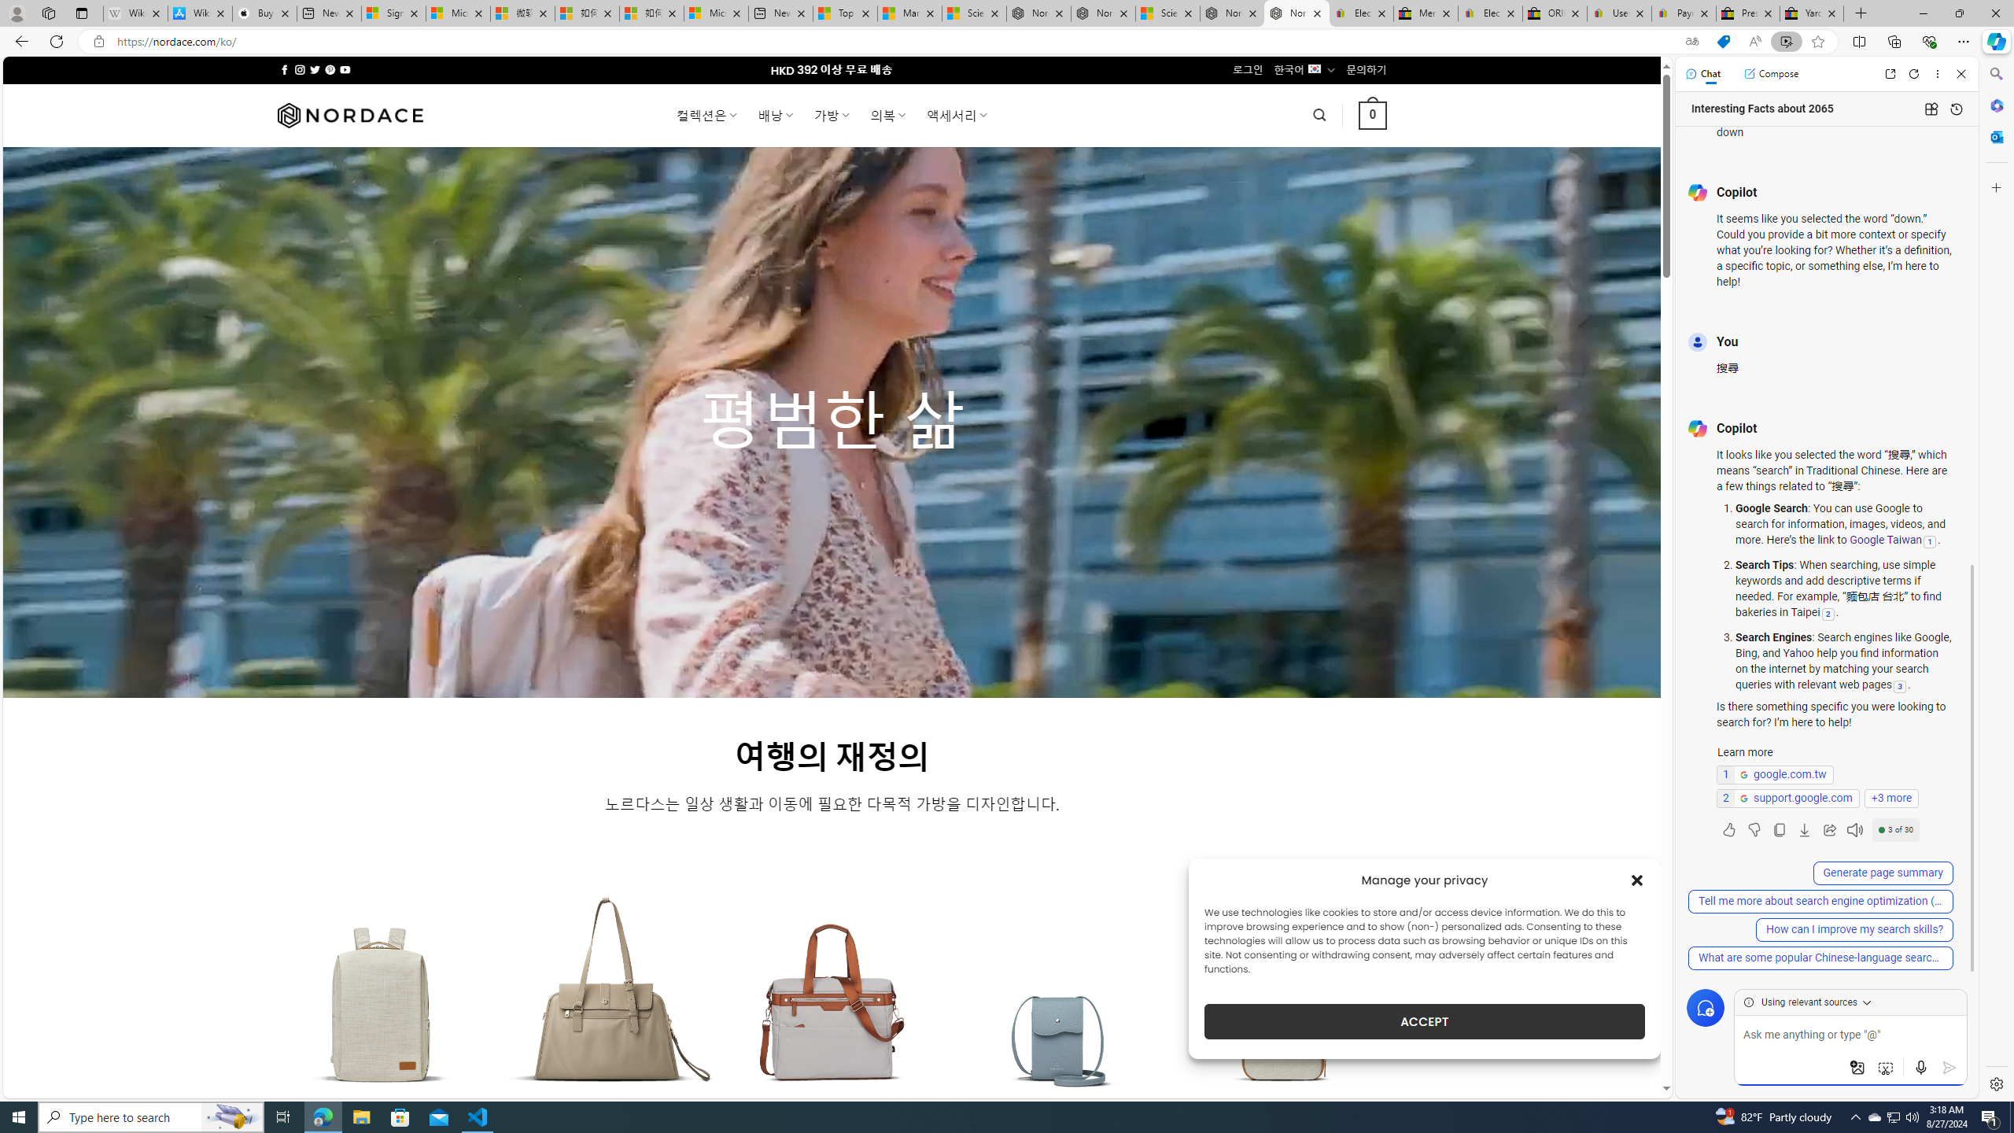  What do you see at coordinates (1702, 72) in the screenshot?
I see `'Chat'` at bounding box center [1702, 72].